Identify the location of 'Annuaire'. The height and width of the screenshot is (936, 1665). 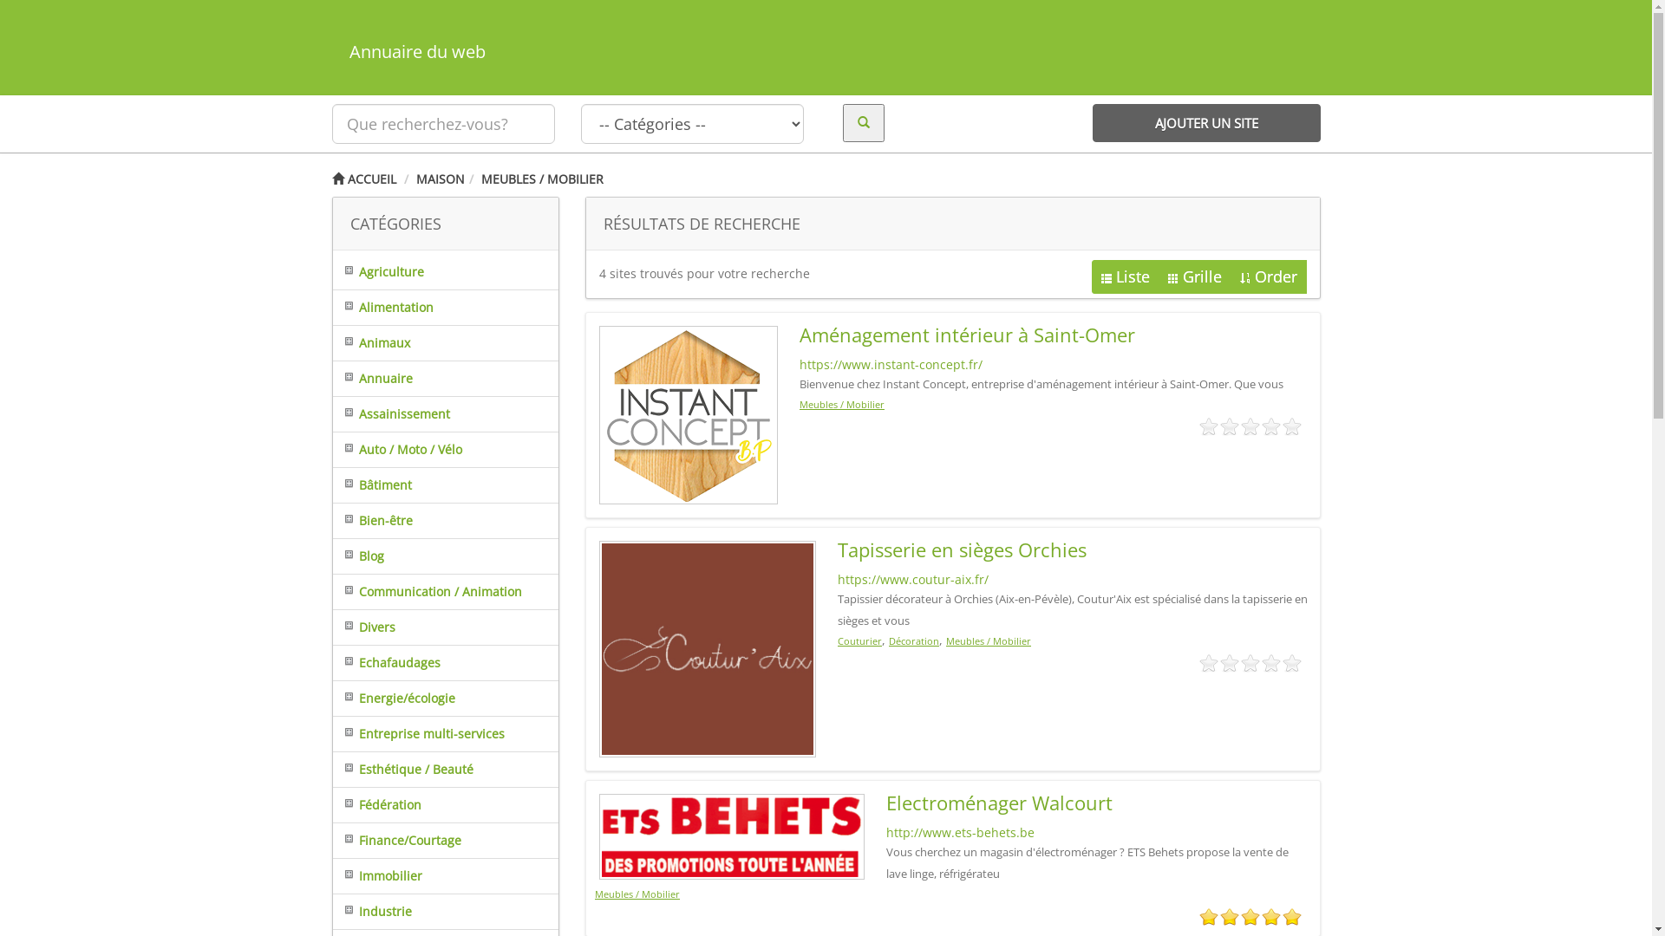
(372, 377).